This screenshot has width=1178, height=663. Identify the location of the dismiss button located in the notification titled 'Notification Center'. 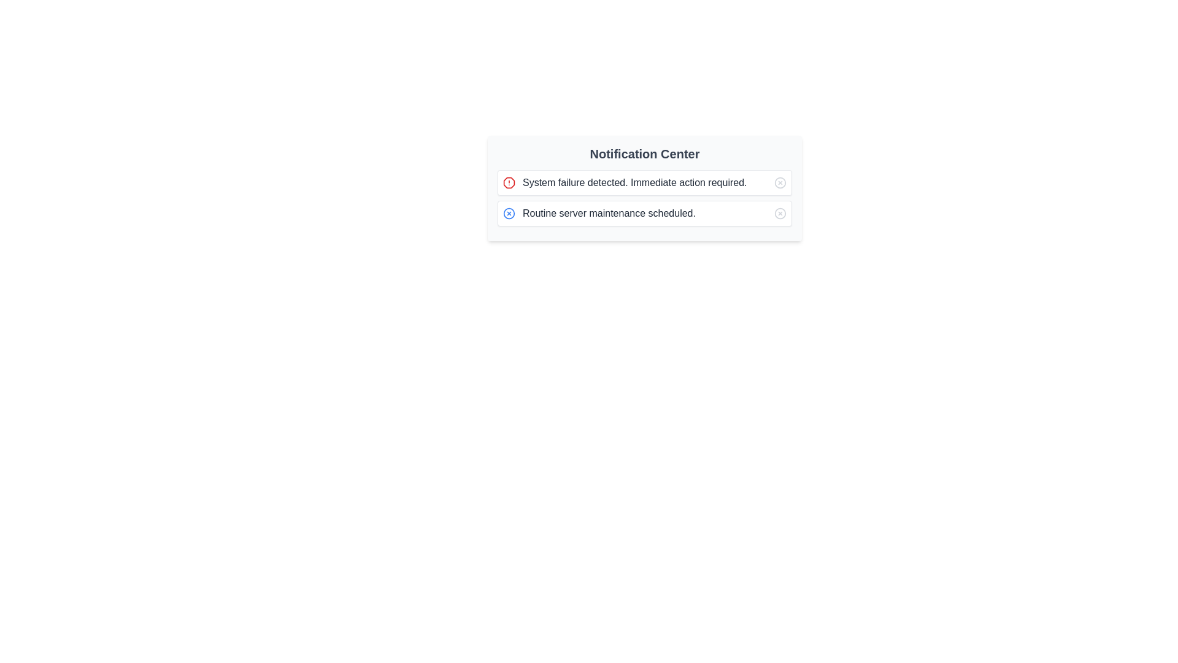
(509, 212).